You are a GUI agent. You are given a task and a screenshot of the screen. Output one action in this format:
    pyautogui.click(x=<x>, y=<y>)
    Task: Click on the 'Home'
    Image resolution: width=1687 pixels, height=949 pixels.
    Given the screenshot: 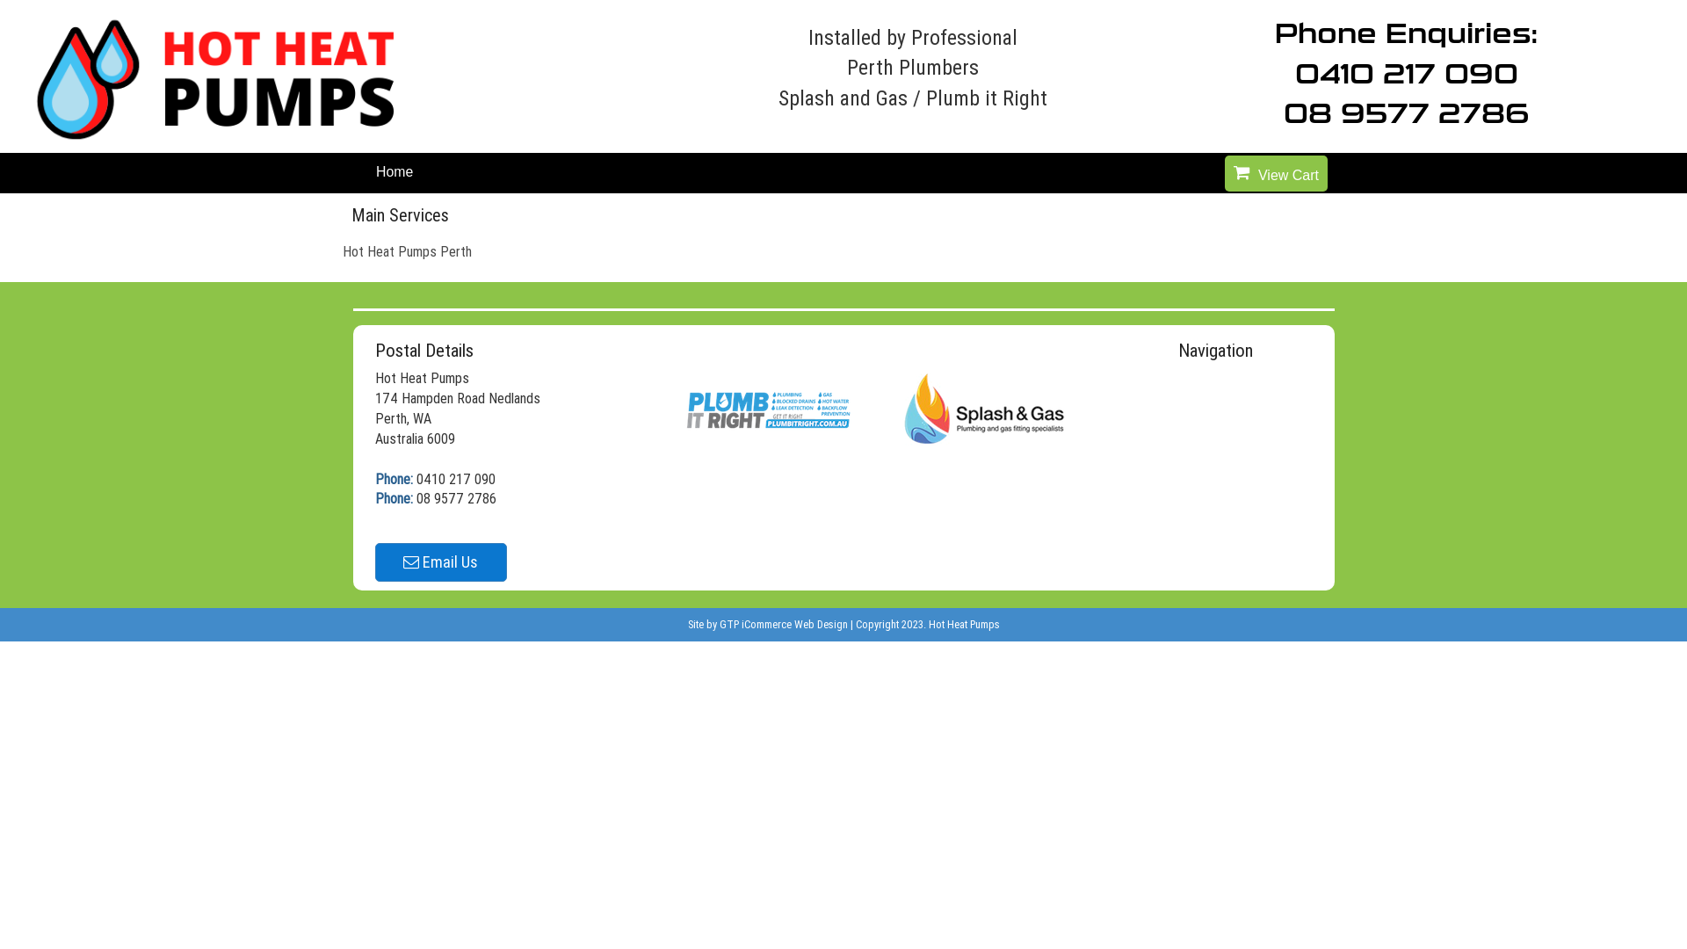 What is the action you would take?
    pyautogui.click(x=394, y=171)
    